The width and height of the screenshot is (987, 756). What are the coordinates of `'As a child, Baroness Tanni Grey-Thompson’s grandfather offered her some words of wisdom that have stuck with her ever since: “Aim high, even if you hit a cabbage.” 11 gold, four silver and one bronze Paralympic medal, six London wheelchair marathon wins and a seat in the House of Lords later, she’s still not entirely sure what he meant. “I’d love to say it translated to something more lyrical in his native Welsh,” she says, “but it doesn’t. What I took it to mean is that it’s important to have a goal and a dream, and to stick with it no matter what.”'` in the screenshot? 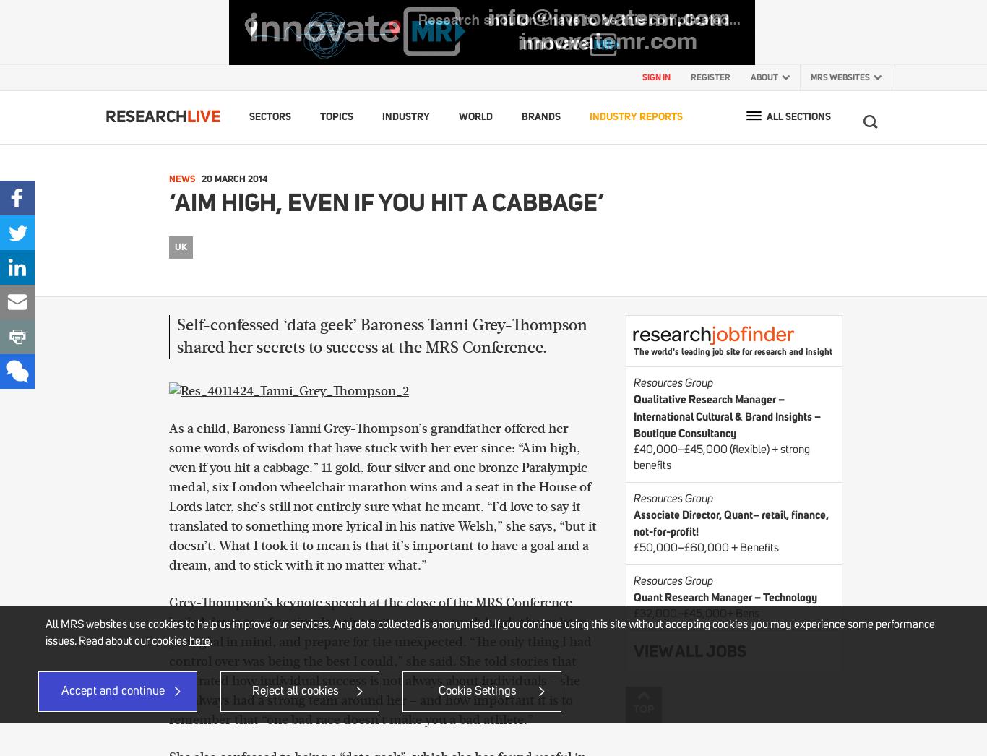 It's located at (168, 497).